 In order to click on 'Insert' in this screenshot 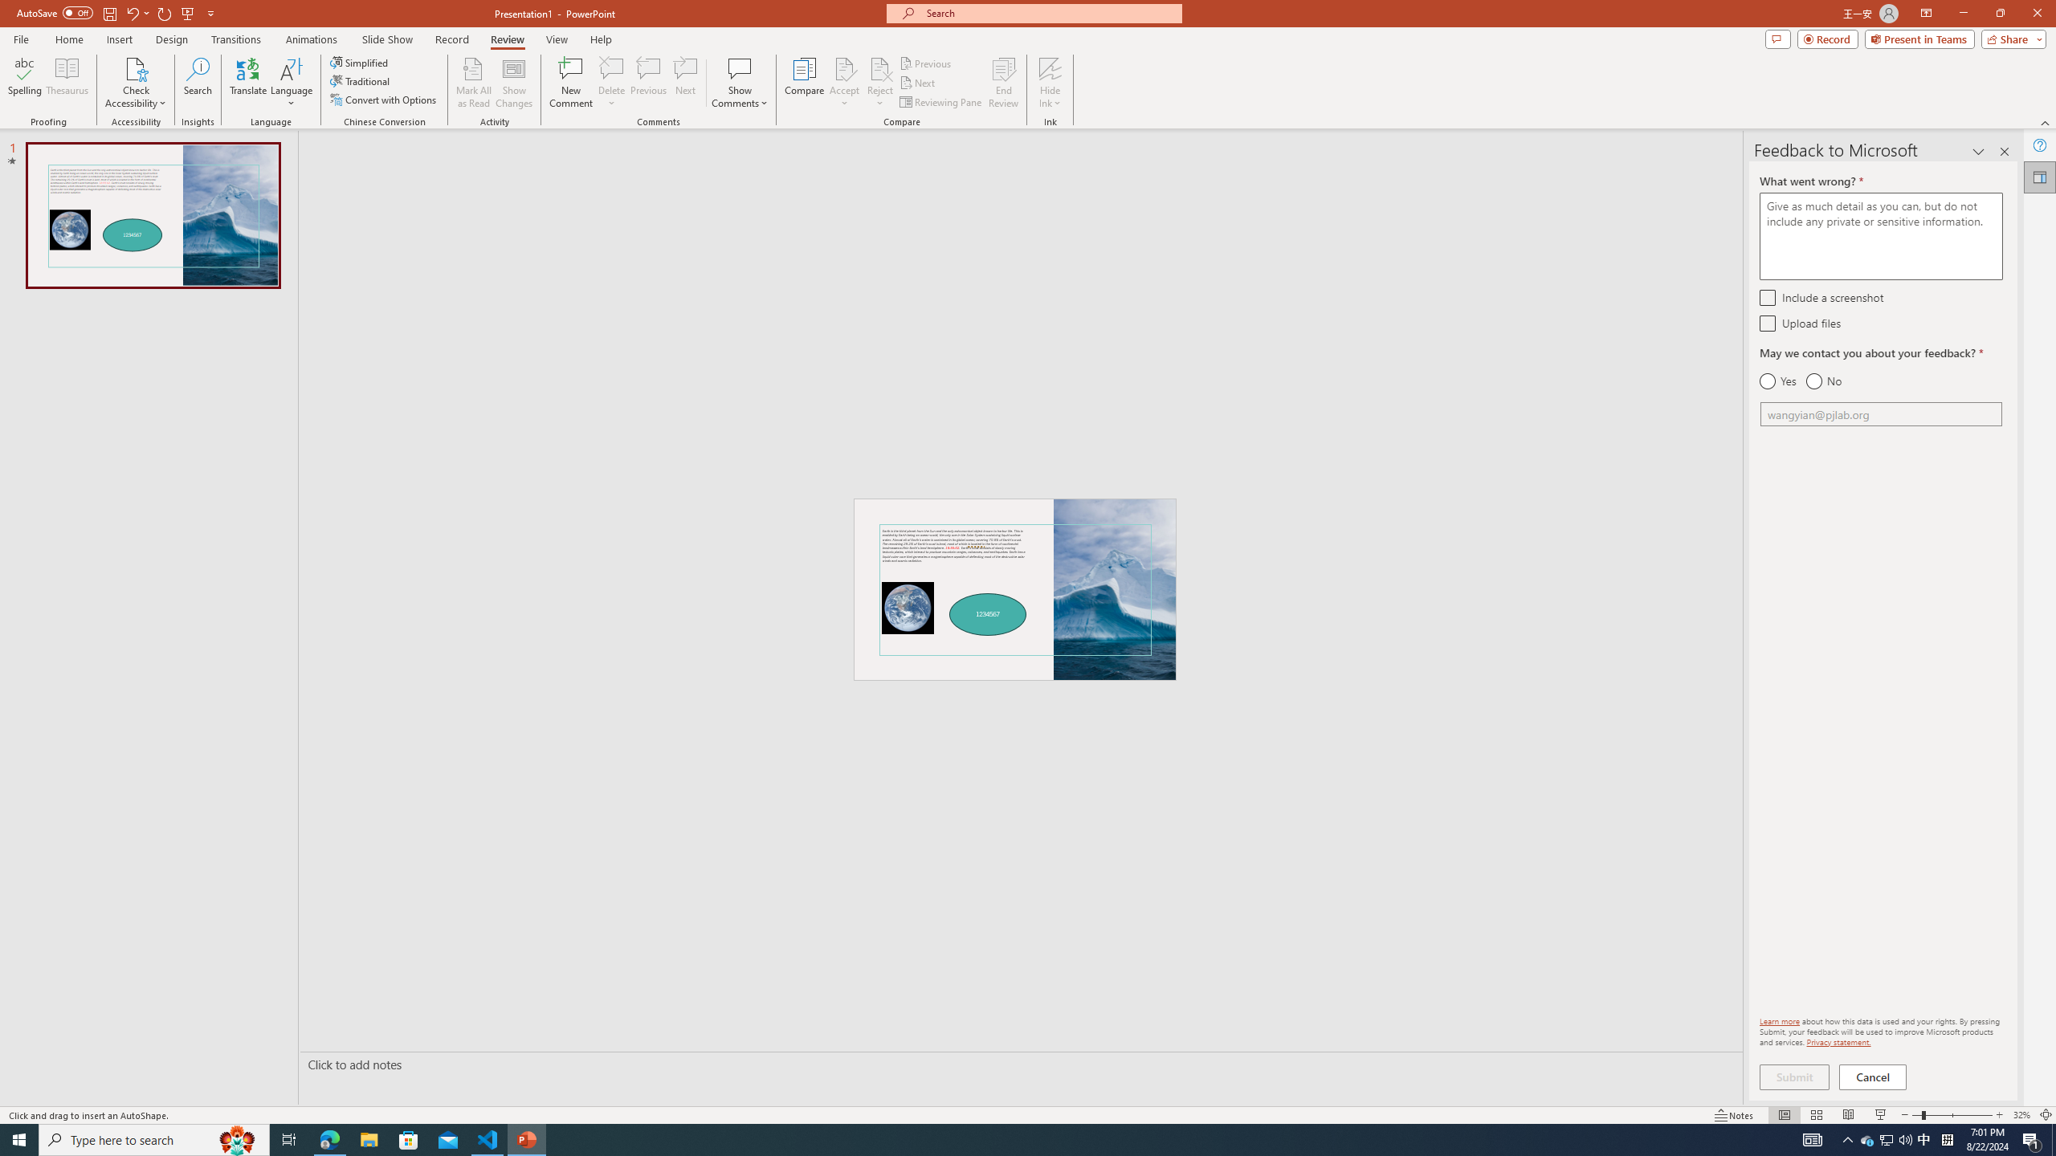, I will do `click(118, 39)`.